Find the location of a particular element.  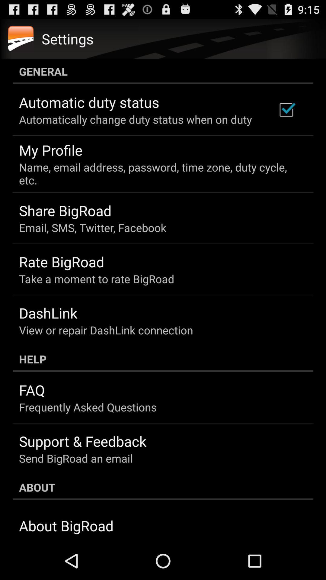

automatically change duty icon is located at coordinates (135, 119).